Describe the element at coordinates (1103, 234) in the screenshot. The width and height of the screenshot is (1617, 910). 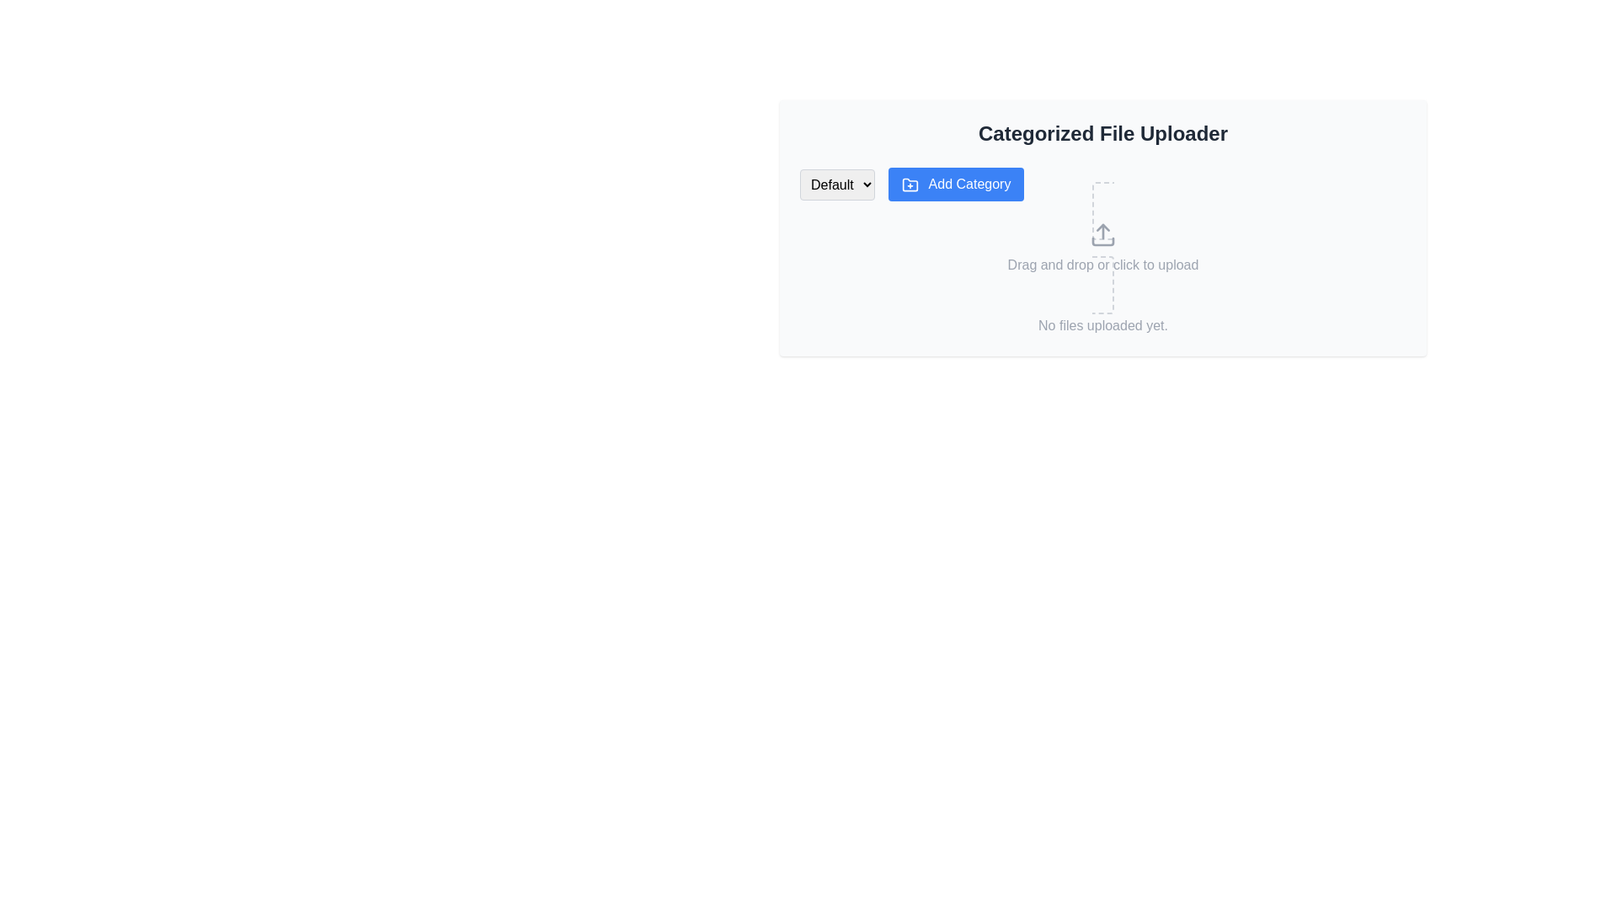
I see `the upload icon located centrally within the dashed-outline rectangular upload area, which is below the header labeled 'Categorized File Uploader'` at that location.